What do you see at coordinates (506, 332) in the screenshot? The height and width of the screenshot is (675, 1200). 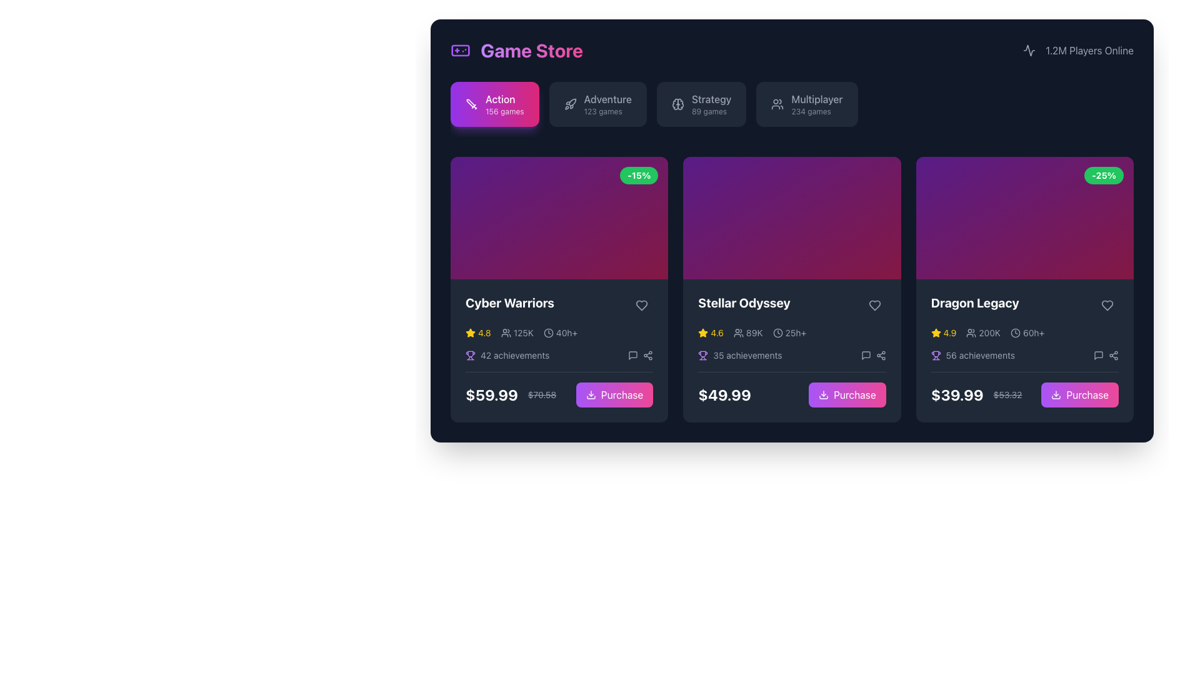 I see `the visual representation of the user group icon located beside the text '125K' in the bottom section of the 'Cyber Warriors' card` at bounding box center [506, 332].